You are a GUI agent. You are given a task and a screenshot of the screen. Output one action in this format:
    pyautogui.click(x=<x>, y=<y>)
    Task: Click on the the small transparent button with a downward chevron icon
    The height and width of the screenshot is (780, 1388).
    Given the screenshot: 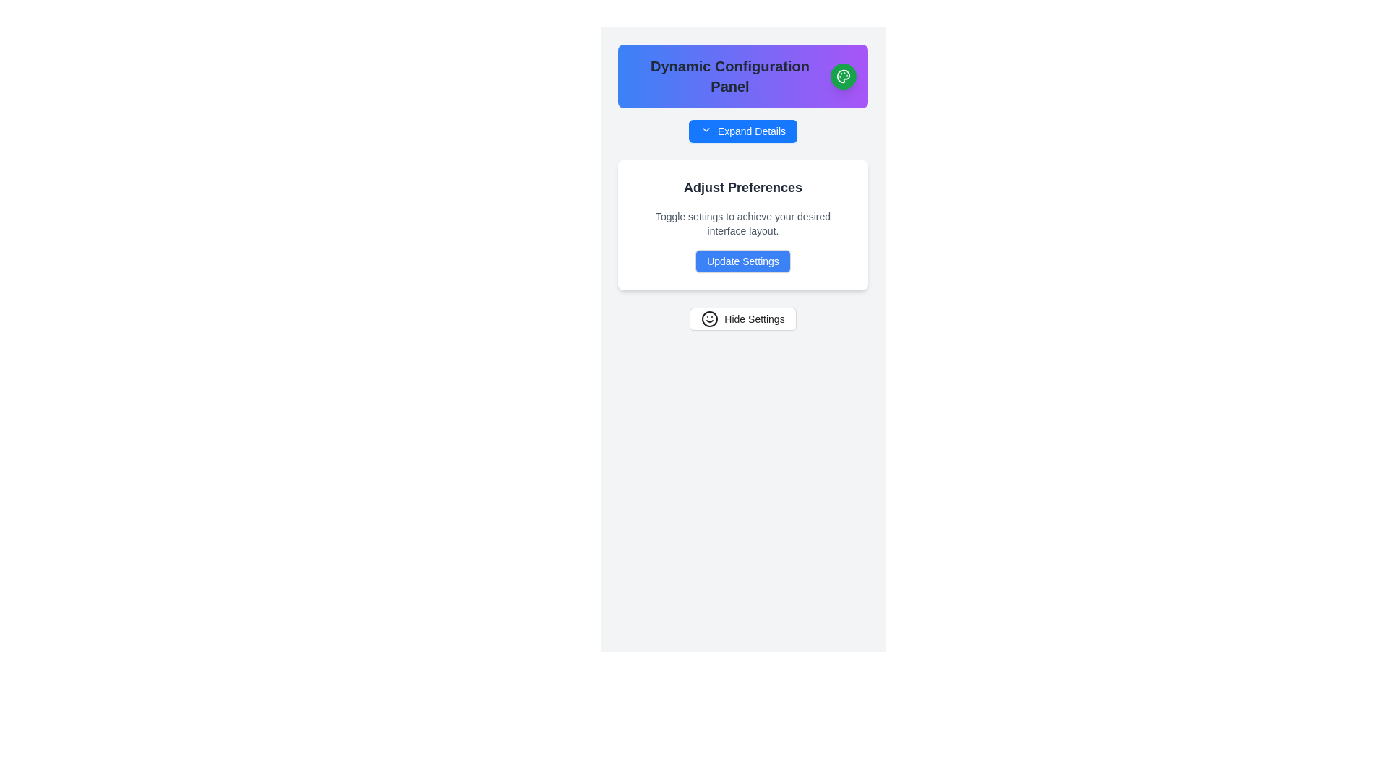 What is the action you would take?
    pyautogui.click(x=706, y=131)
    